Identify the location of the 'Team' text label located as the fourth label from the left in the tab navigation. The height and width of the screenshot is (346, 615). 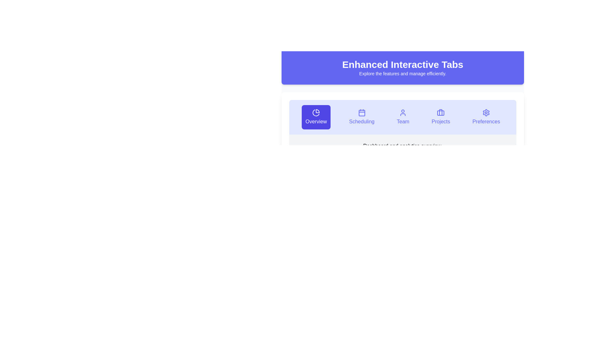
(403, 122).